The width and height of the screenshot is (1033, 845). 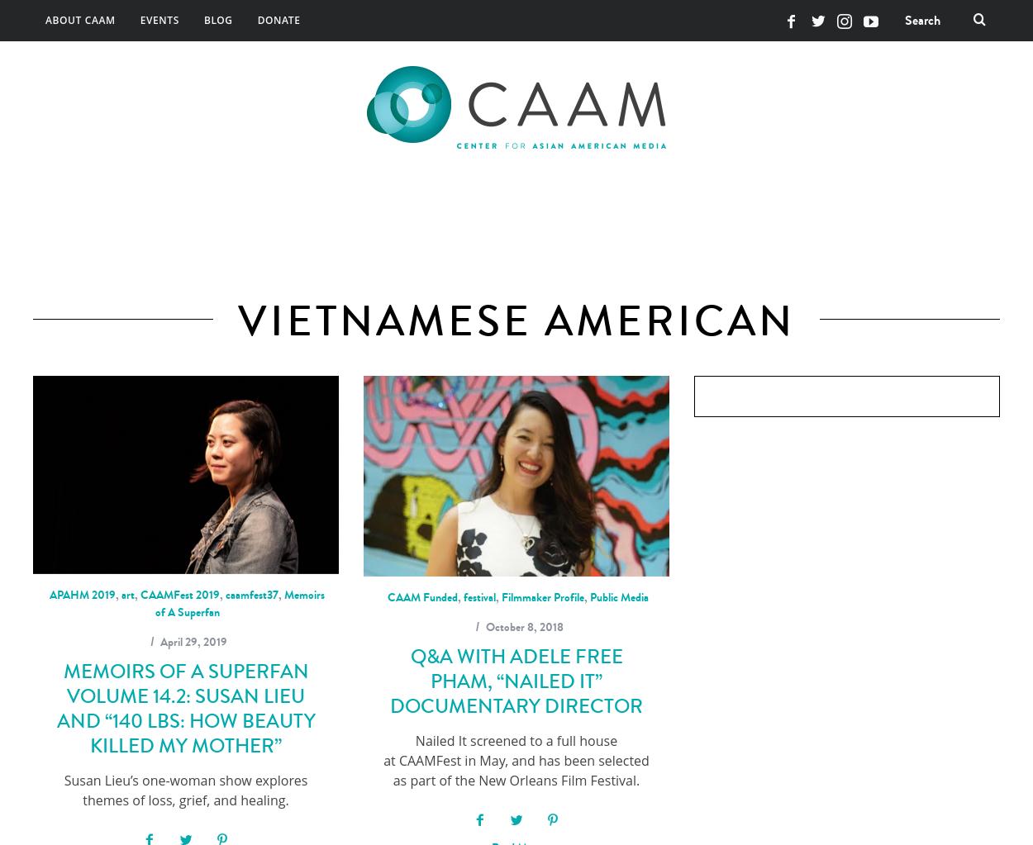 What do you see at coordinates (252, 593) in the screenshot?
I see `'caamfest37'` at bounding box center [252, 593].